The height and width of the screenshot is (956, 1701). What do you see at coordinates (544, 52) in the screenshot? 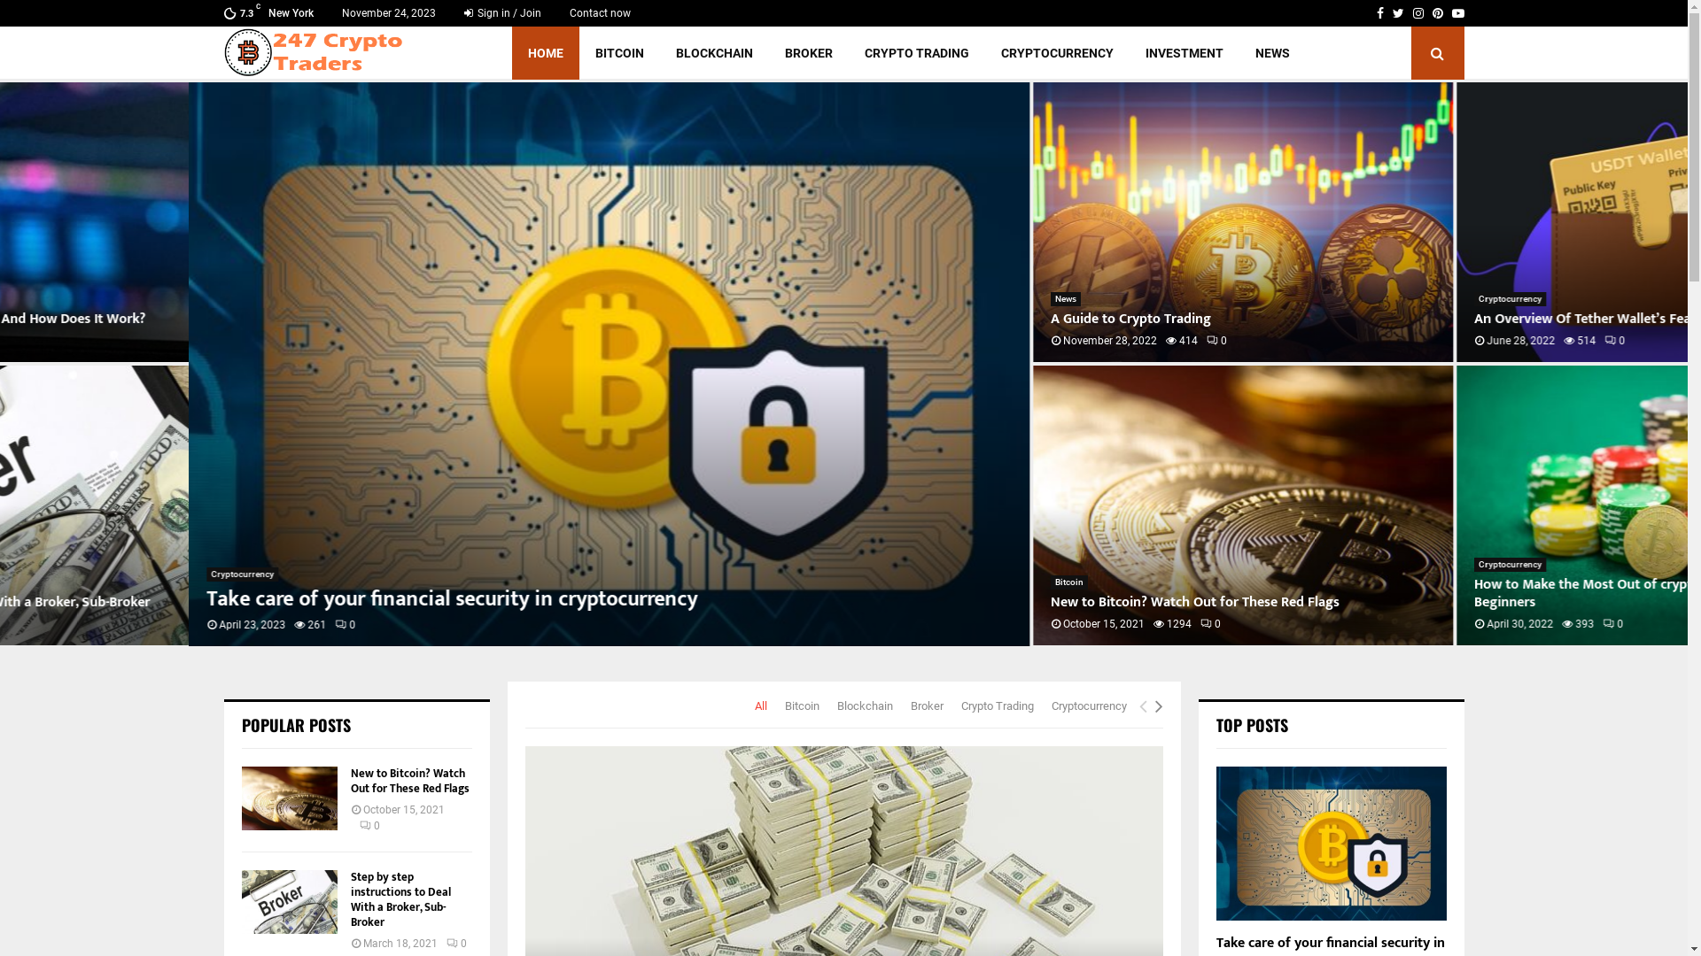
I see `'HOME'` at bounding box center [544, 52].